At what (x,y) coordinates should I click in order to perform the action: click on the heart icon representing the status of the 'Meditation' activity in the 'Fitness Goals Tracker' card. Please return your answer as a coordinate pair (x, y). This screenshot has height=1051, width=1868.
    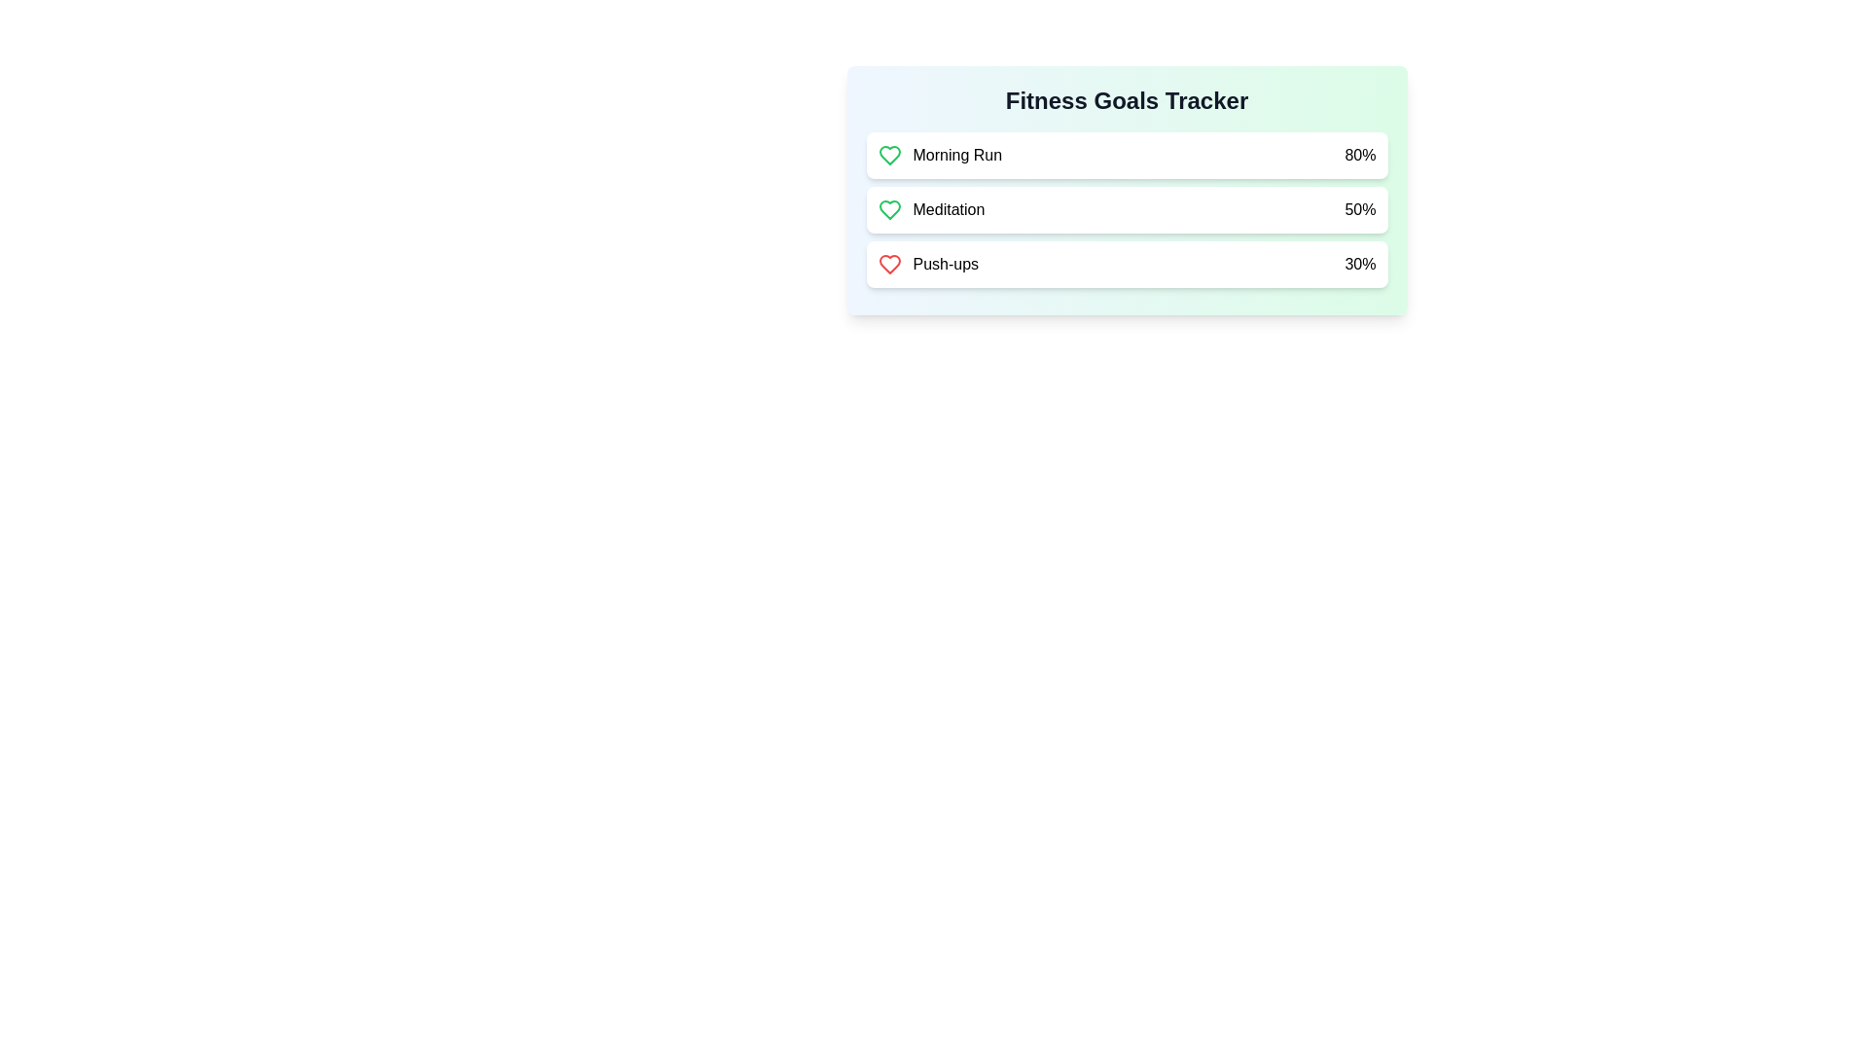
    Looking at the image, I should click on (888, 210).